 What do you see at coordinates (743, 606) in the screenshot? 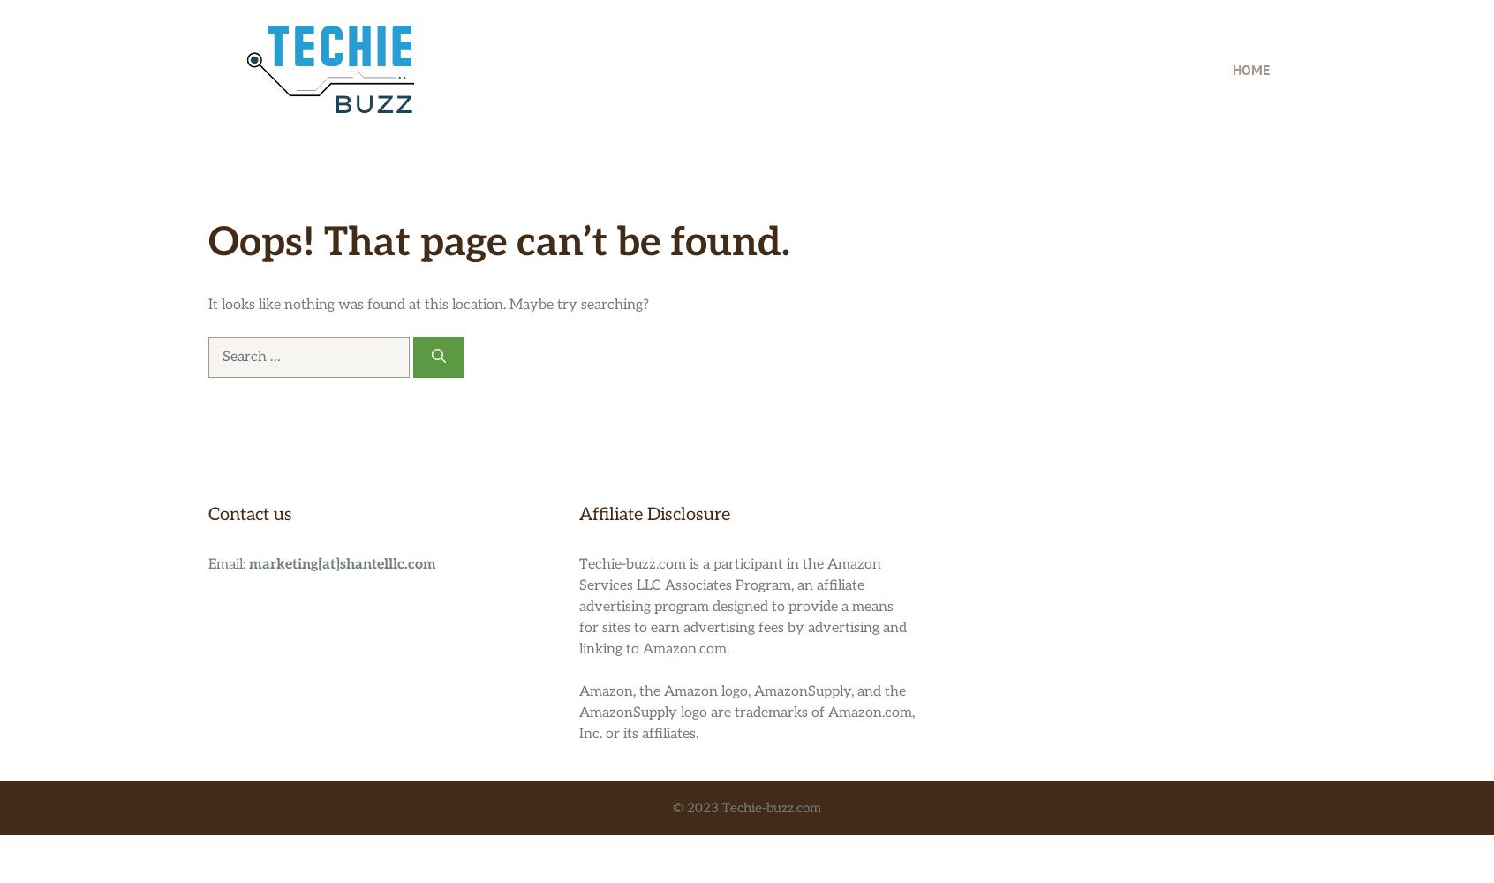
I see `'Techie-buzz.com is a participant in the Amazon Services LLC Associates Program, an affiliate advertising program designed to provide a means for sites to earn advertising fees by advertising and linking to Amazon.com.'` at bounding box center [743, 606].